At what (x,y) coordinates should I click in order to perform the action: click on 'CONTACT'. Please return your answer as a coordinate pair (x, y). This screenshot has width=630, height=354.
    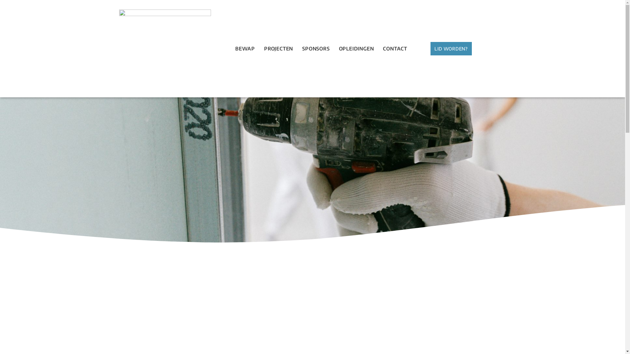
    Looking at the image, I should click on (378, 48).